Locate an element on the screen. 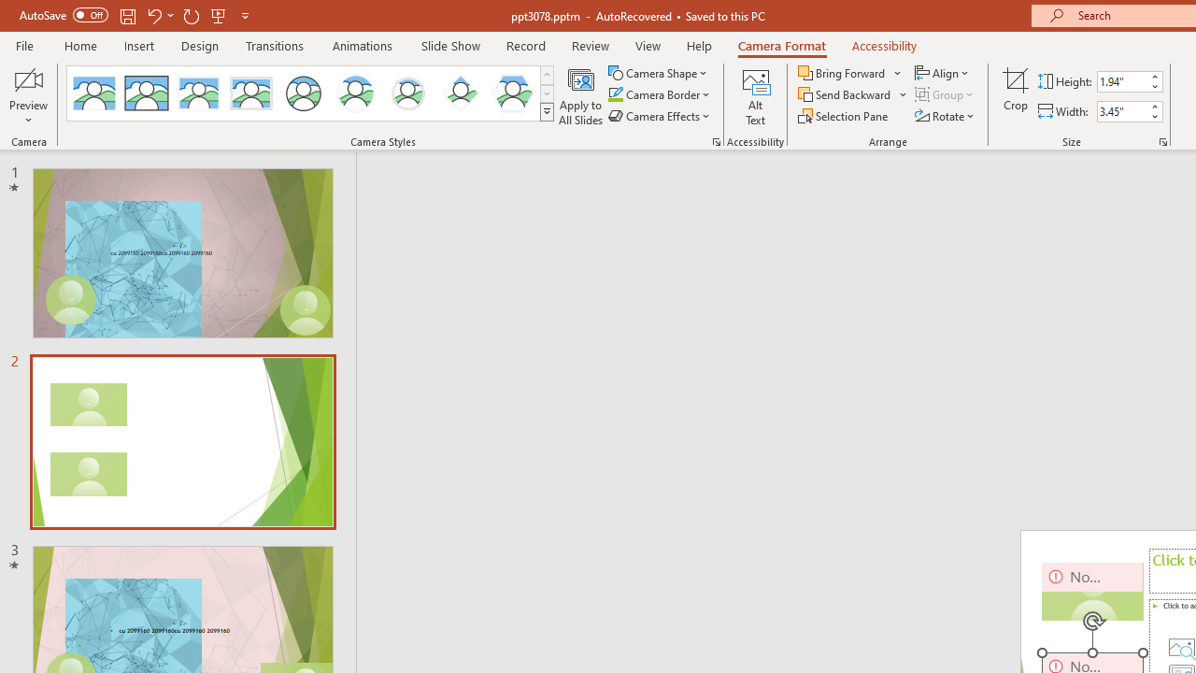  'Camera Effects' is located at coordinates (661, 116).